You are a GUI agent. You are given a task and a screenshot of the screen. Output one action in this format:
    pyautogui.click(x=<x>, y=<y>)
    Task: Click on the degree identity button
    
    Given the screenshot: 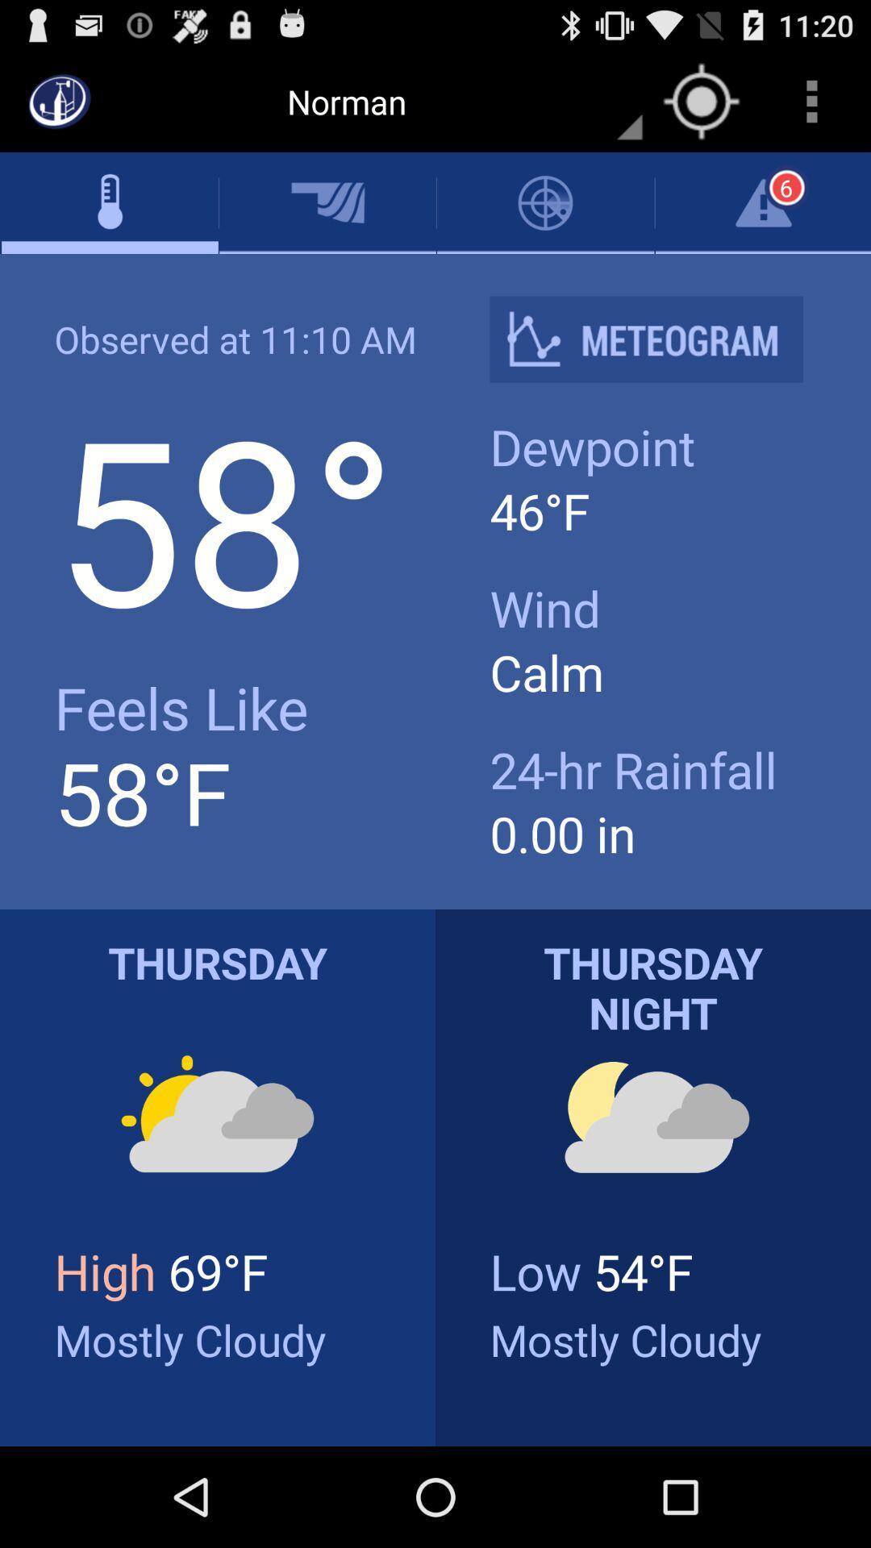 What is the action you would take?
    pyautogui.click(x=659, y=339)
    